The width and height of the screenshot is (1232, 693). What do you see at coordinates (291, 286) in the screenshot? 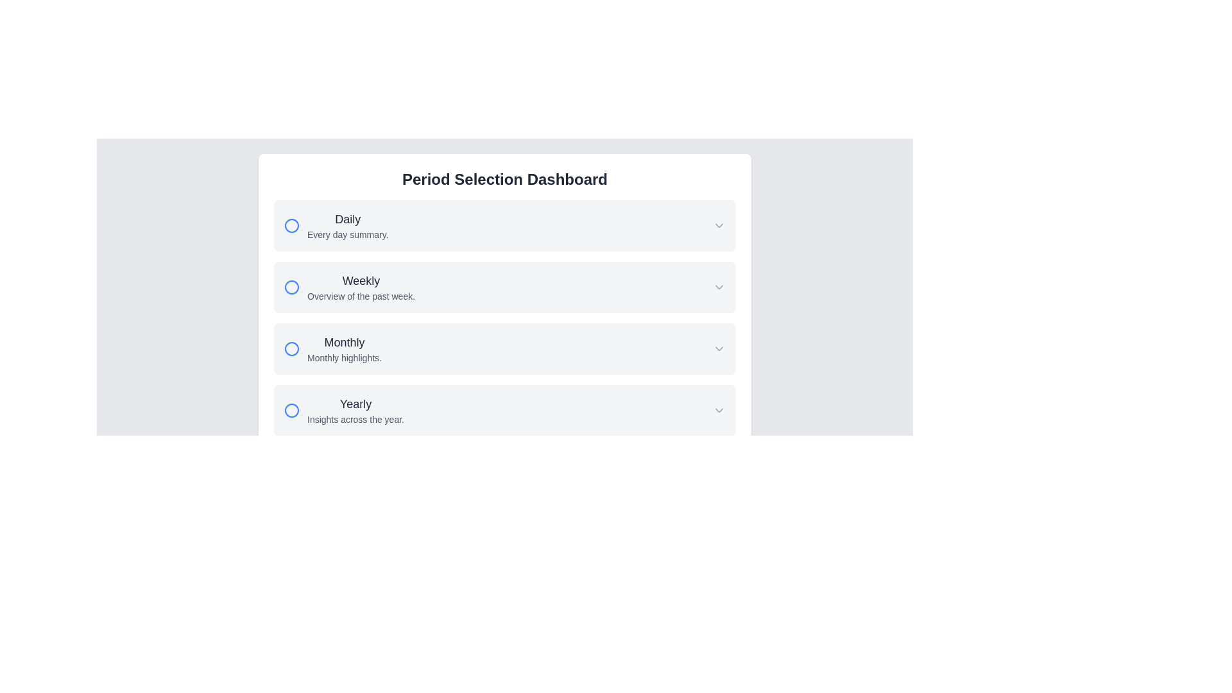
I see `the Radio Button Indicator with a blue border located in the second slot of the 'Period Selection Dashboard', adjacent to the 'Weekly: Overview of the past week.'` at bounding box center [291, 286].